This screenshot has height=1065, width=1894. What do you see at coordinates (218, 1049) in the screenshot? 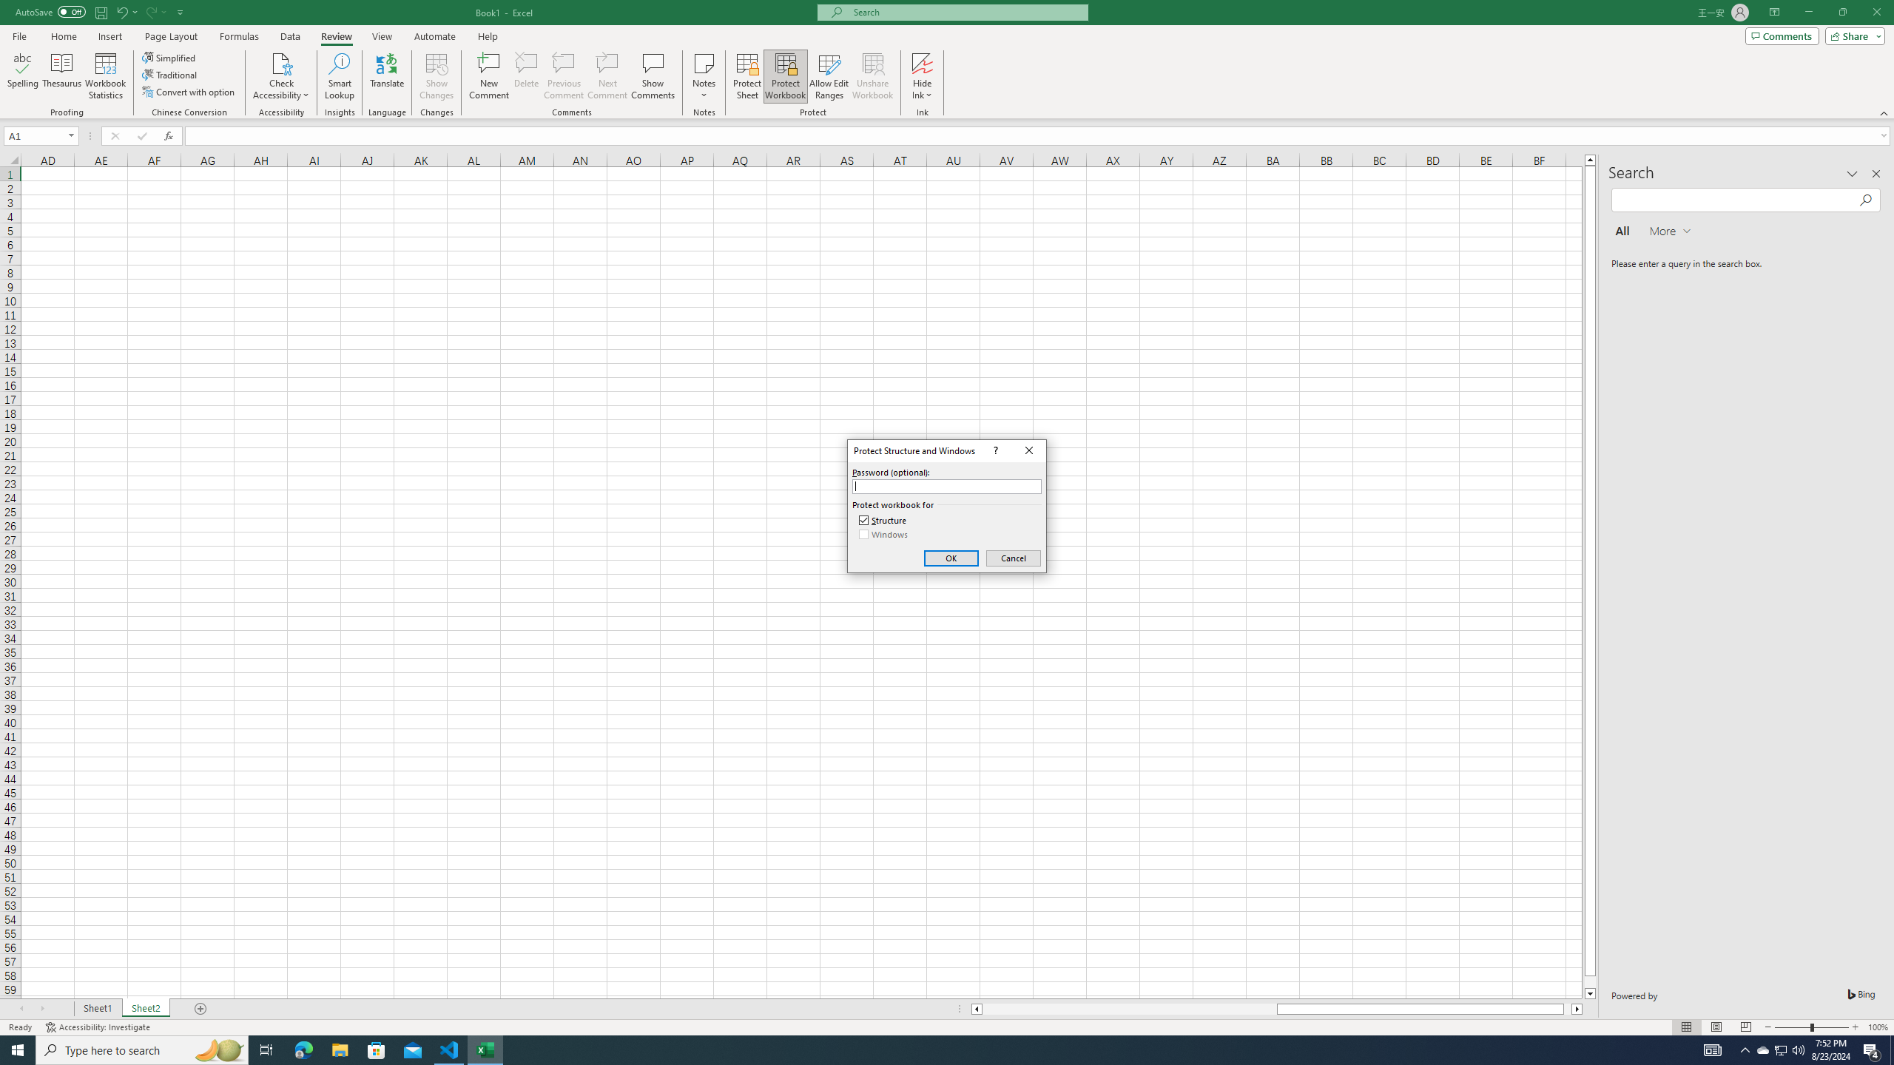
I see `'Search highlights icon opens search home window'` at bounding box center [218, 1049].